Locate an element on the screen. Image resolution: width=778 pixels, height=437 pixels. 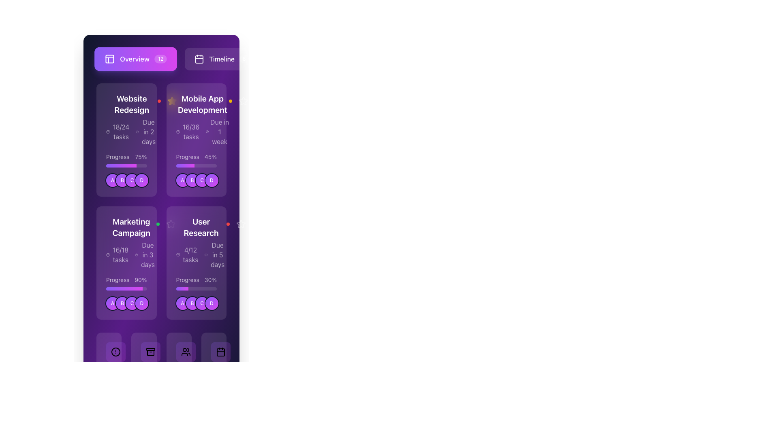
the Avatar Group Display representing team members associated with the 'Marketing Campaign' task group is located at coordinates (126, 303).